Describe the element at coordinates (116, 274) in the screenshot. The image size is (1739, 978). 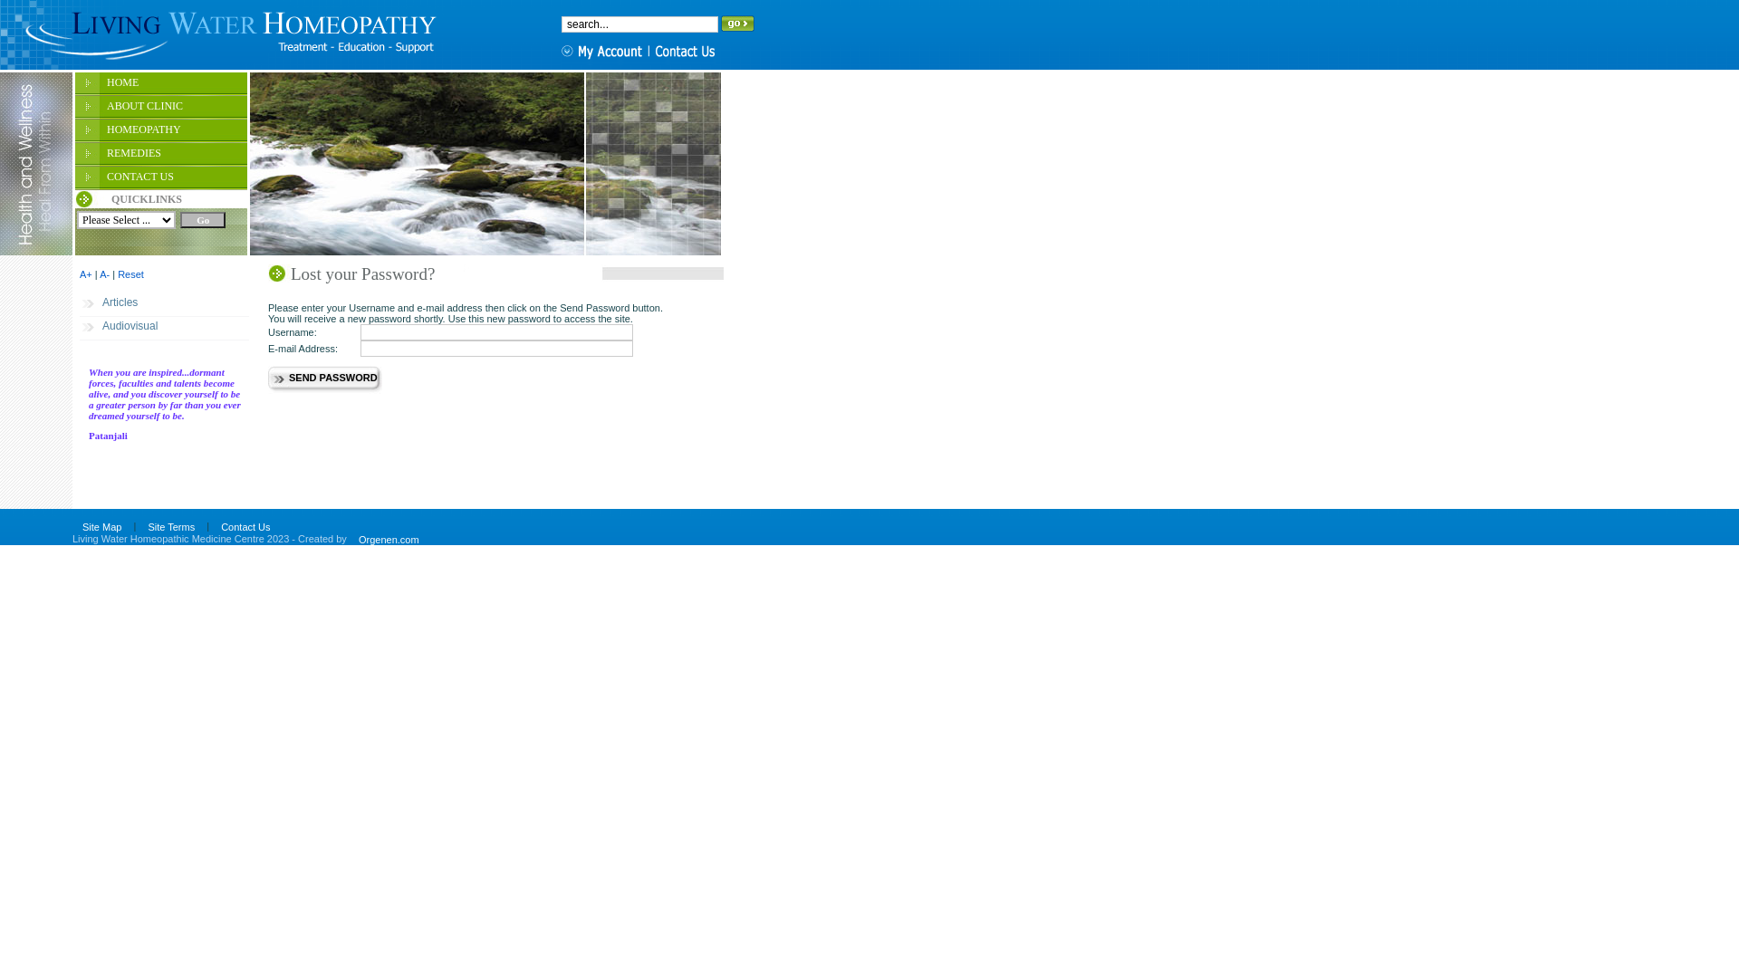
I see `'Reset'` at that location.